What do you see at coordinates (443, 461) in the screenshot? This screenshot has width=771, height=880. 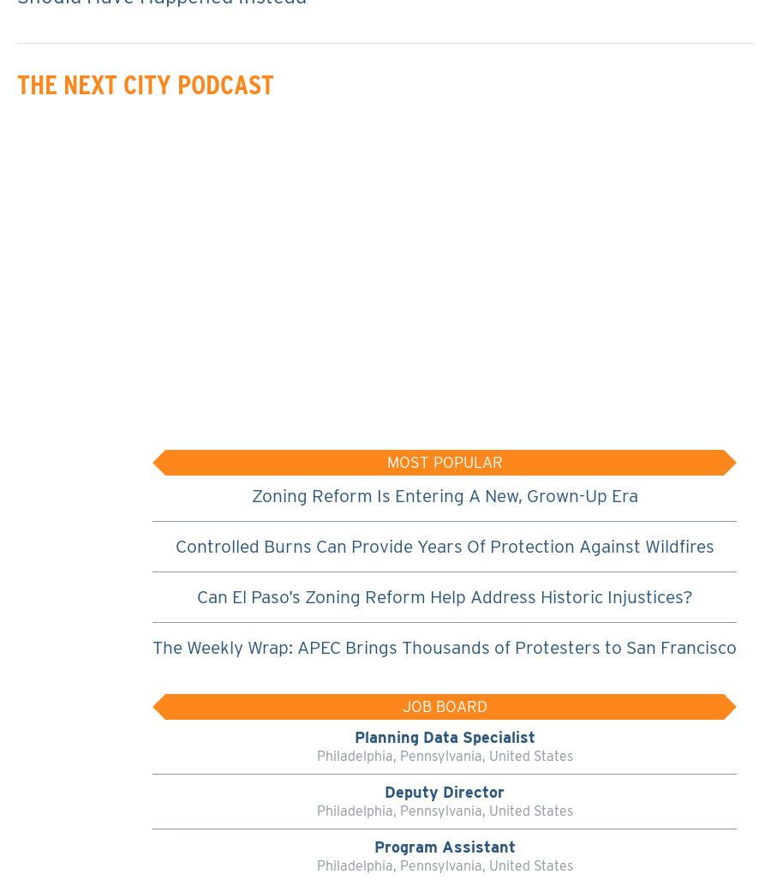 I see `'Most Popular'` at bounding box center [443, 461].